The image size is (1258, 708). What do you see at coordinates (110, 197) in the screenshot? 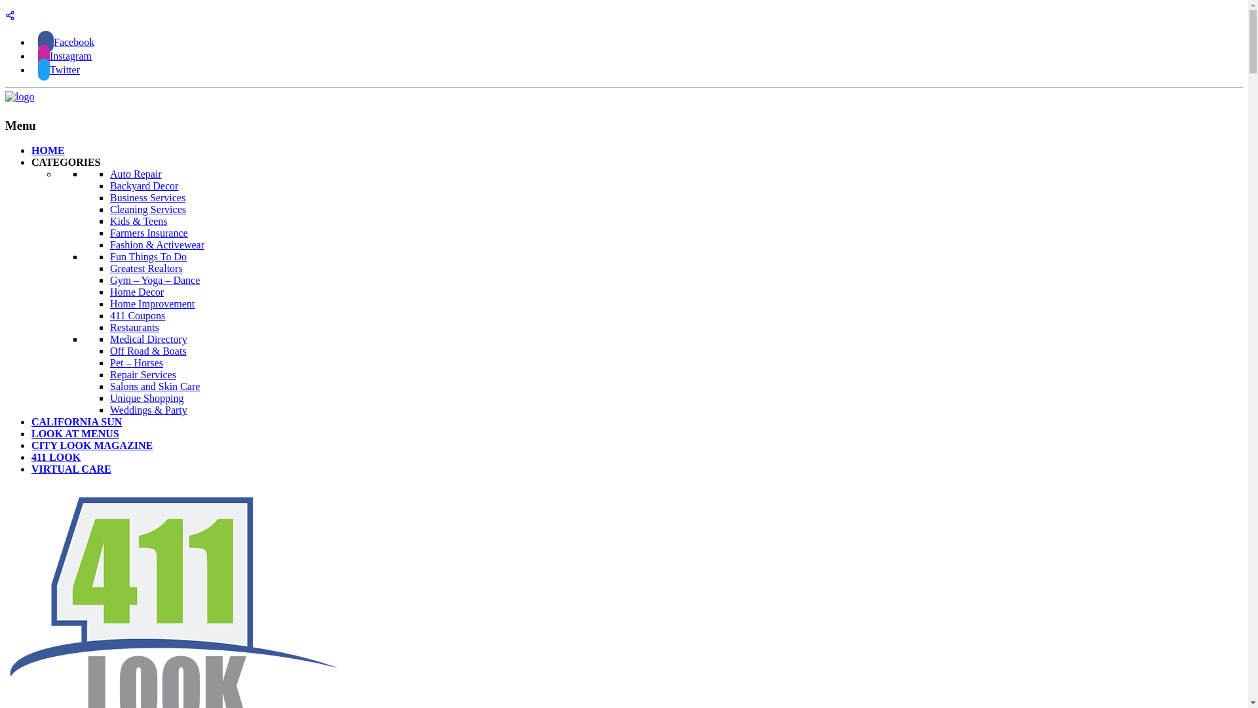
I see `'Business Services'` at bounding box center [110, 197].